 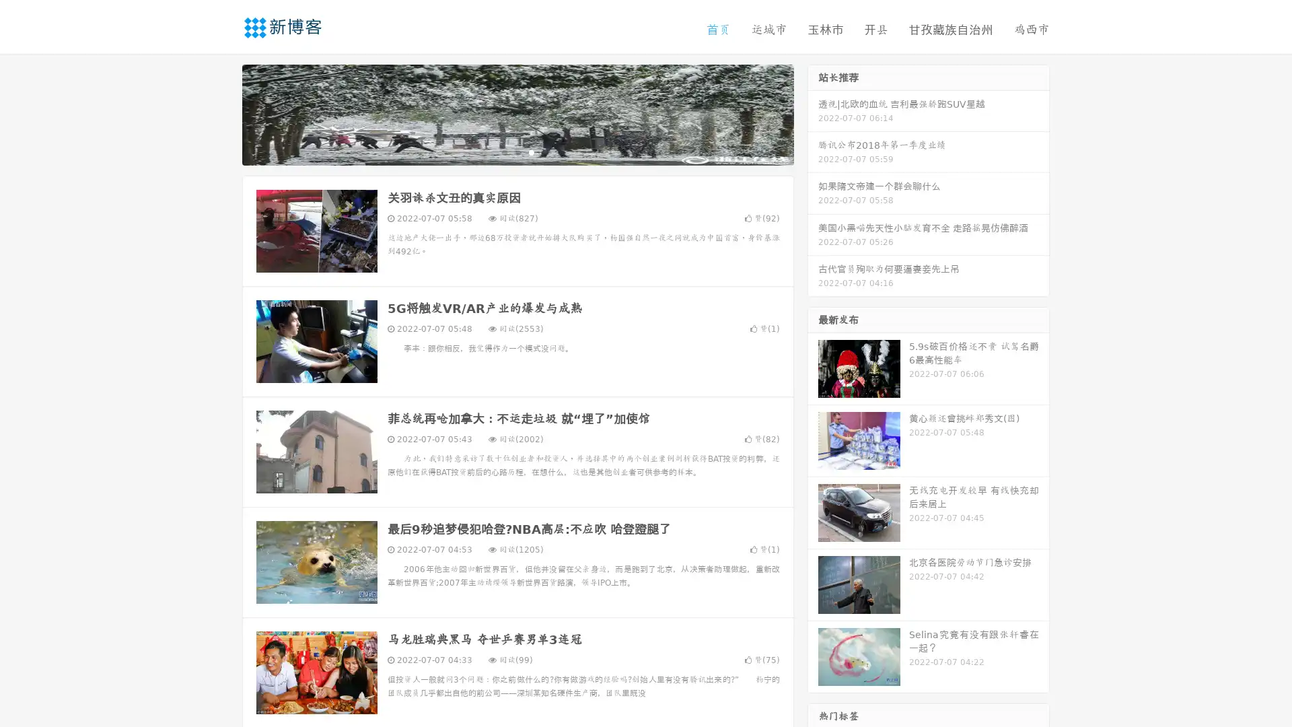 What do you see at coordinates (531, 151) in the screenshot?
I see `Go to slide 3` at bounding box center [531, 151].